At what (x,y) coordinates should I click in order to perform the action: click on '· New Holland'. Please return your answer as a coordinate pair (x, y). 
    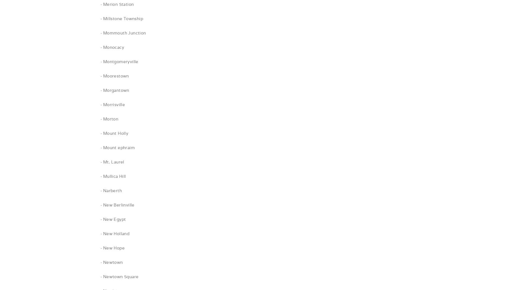
    Looking at the image, I should click on (115, 233).